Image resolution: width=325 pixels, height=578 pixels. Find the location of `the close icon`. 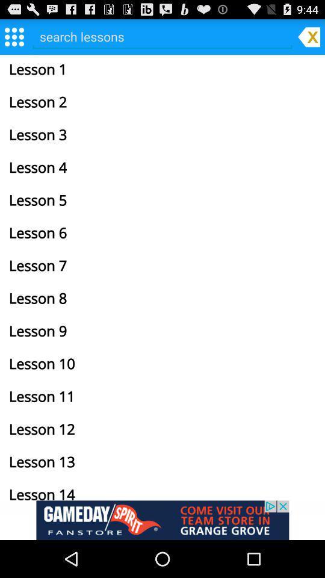

the close icon is located at coordinates (309, 39).